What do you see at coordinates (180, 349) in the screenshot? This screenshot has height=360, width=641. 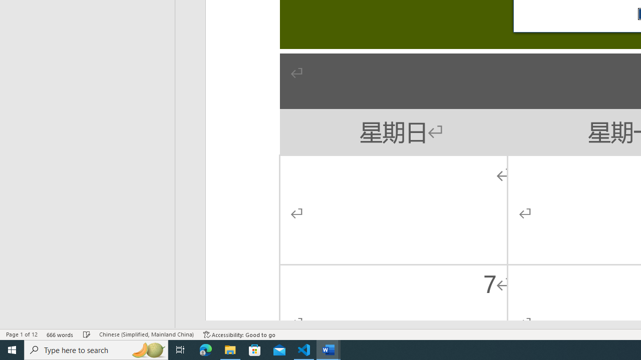 I see `'Task View'` at bounding box center [180, 349].